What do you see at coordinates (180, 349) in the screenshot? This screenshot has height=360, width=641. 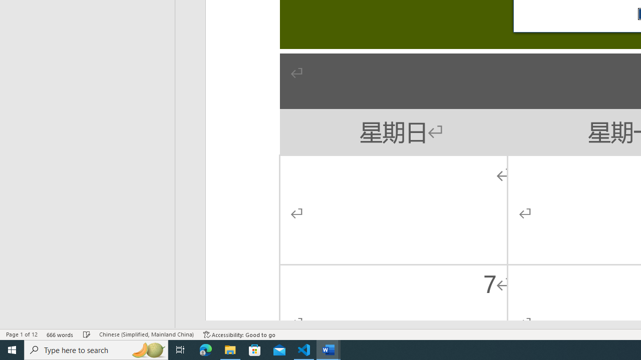 I see `'Task View'` at bounding box center [180, 349].